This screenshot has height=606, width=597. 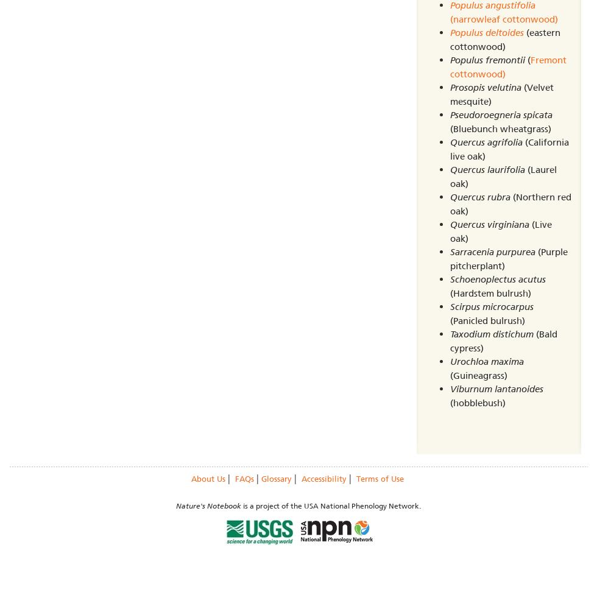 What do you see at coordinates (492, 5) in the screenshot?
I see `'Populus angustifolia'` at bounding box center [492, 5].